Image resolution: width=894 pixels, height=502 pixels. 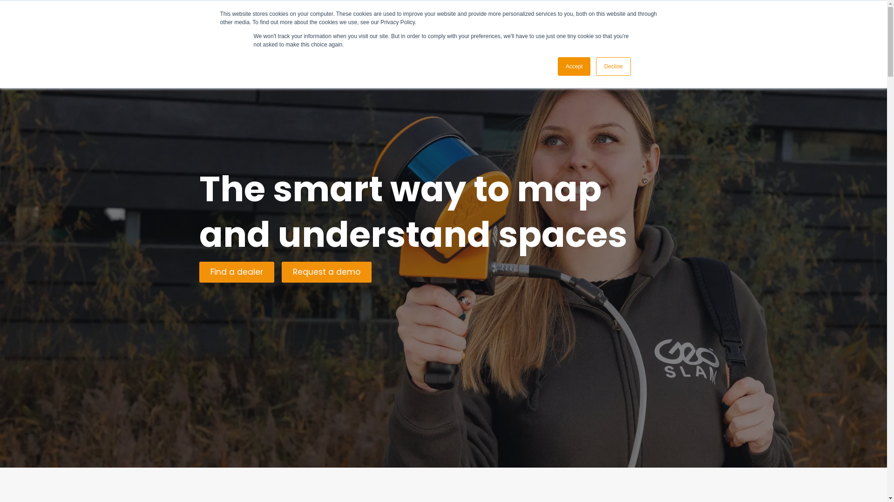 What do you see at coordinates (574, 66) in the screenshot?
I see `'Accept'` at bounding box center [574, 66].